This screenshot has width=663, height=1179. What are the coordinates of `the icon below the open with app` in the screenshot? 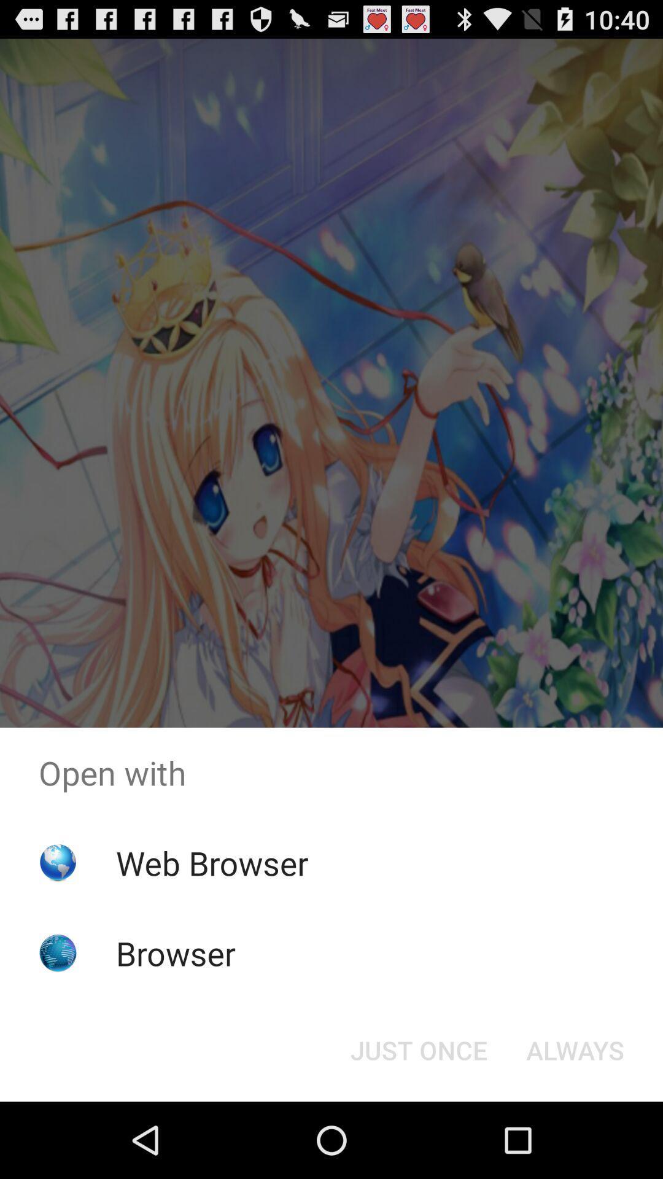 It's located at (211, 862).